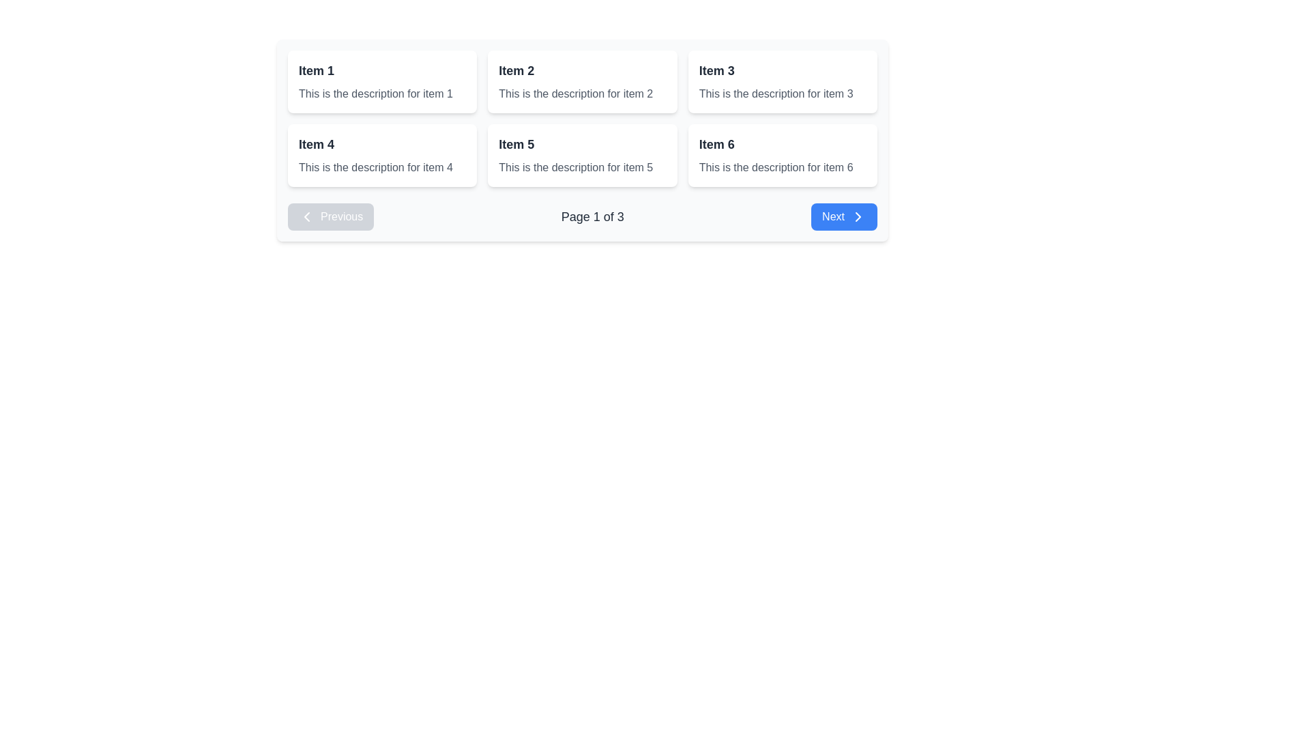 The image size is (1310, 737). I want to click on the Info Card displaying 'Item 5' with a white background and a shadow in the second row and second column of the grid, so click(583, 154).